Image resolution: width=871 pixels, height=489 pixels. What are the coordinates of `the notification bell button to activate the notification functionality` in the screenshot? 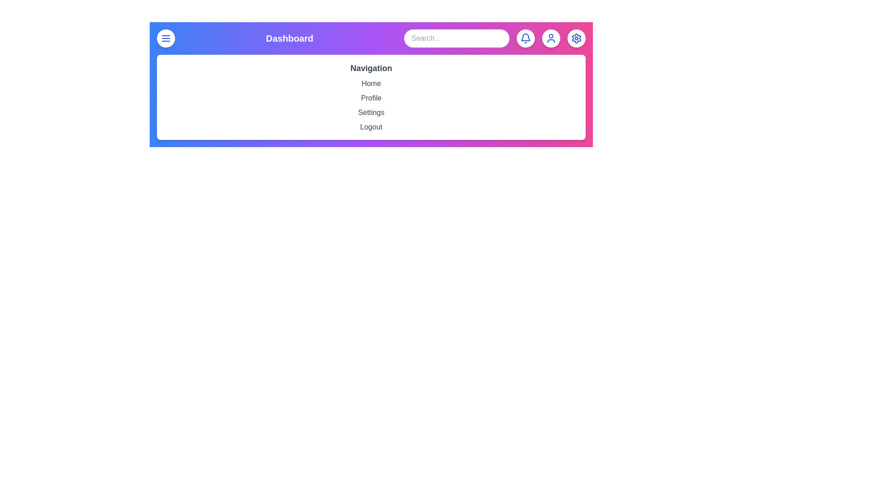 It's located at (525, 38).